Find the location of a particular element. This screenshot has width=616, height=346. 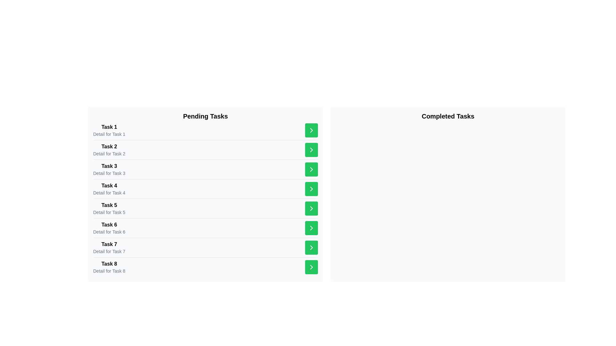

the rightward-pointing chevron icon with a green background in the button for the 'Task 4' entry in the pending tasks list is located at coordinates (311, 169).